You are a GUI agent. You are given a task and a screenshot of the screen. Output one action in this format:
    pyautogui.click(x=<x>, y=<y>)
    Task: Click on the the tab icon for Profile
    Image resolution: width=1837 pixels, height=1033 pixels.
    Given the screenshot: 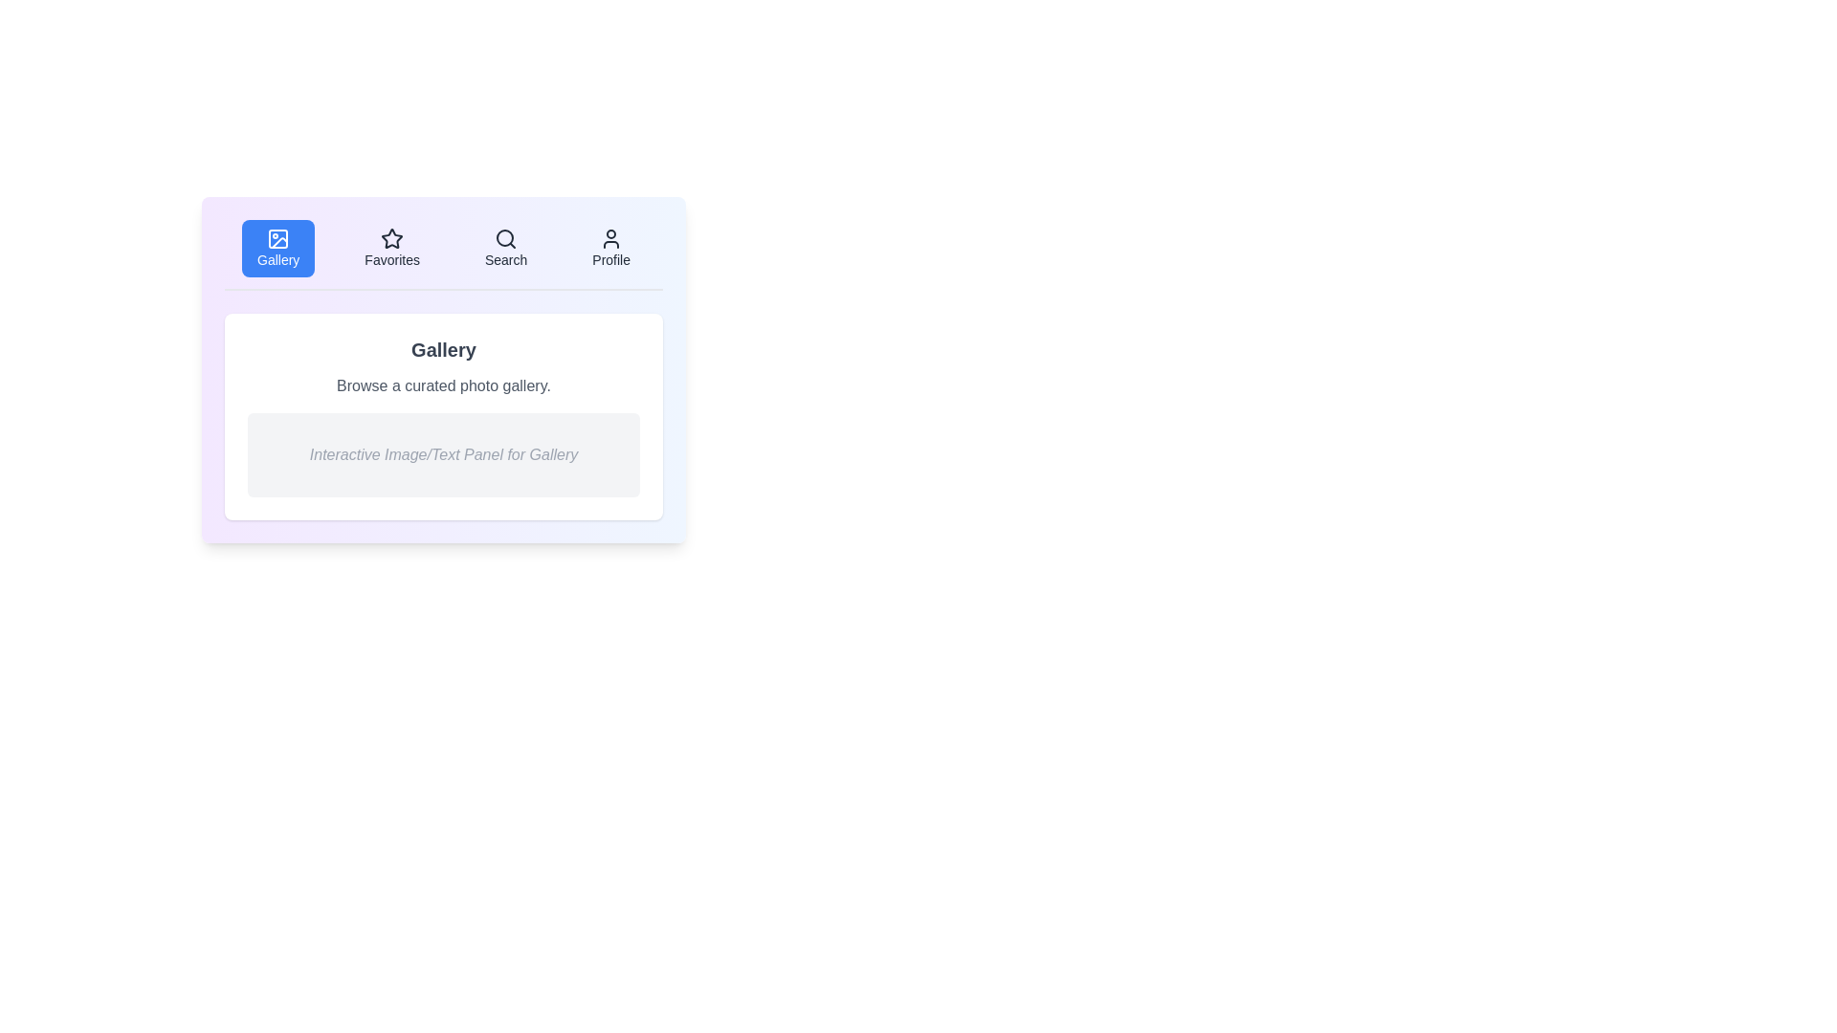 What is the action you would take?
    pyautogui.click(x=609, y=238)
    